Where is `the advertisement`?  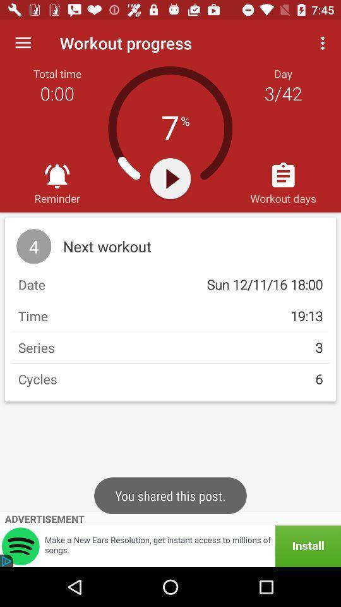 the advertisement is located at coordinates (170, 546).